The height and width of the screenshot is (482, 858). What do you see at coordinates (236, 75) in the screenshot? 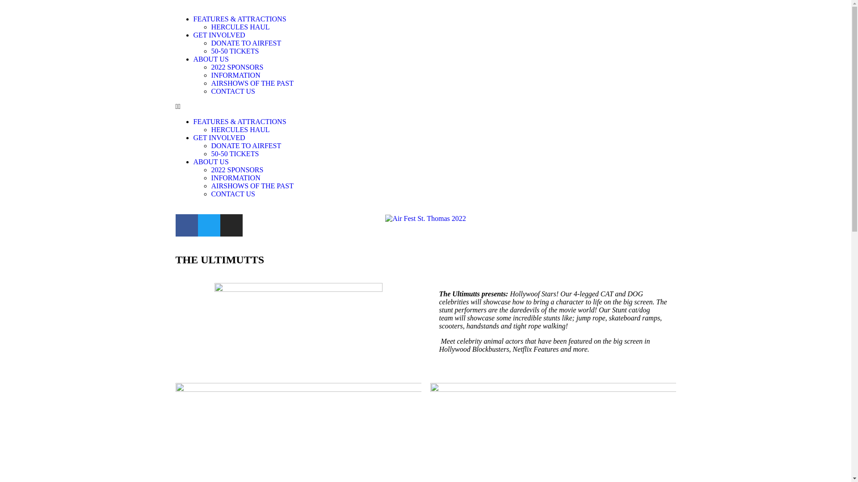
I see `'INFORMATION'` at bounding box center [236, 75].